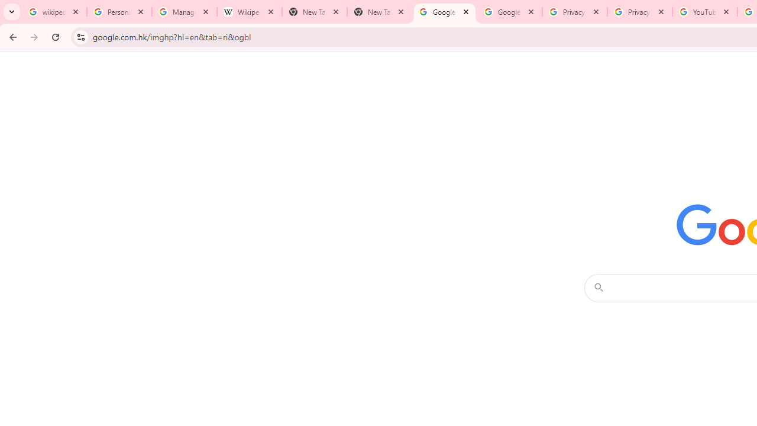 This screenshot has width=757, height=426. What do you see at coordinates (11, 36) in the screenshot?
I see `'Back'` at bounding box center [11, 36].